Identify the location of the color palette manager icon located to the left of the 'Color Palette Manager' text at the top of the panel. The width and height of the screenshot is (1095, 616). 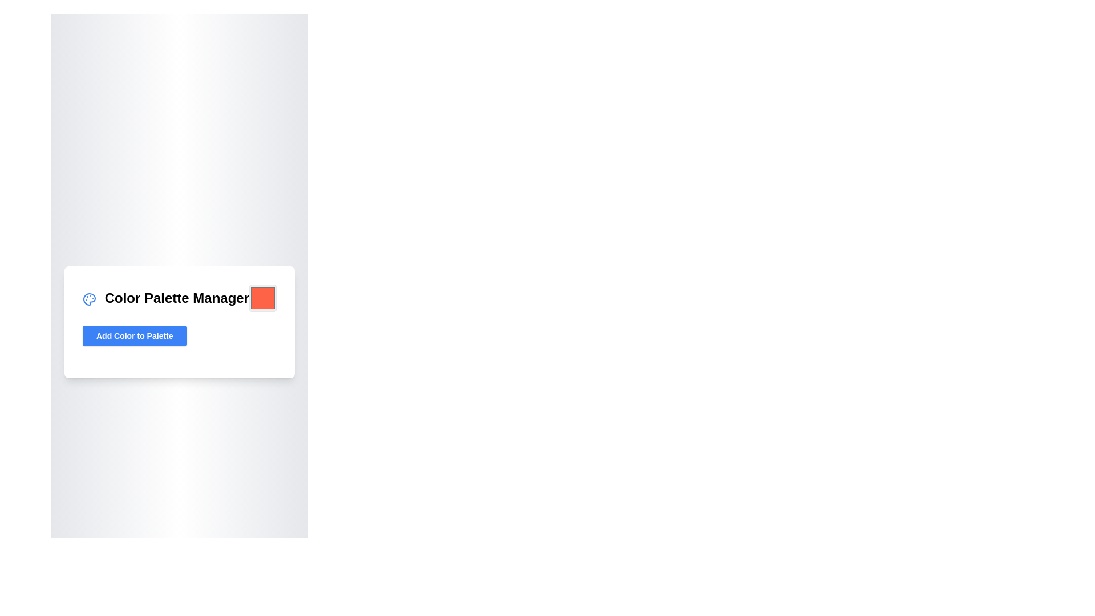
(89, 298).